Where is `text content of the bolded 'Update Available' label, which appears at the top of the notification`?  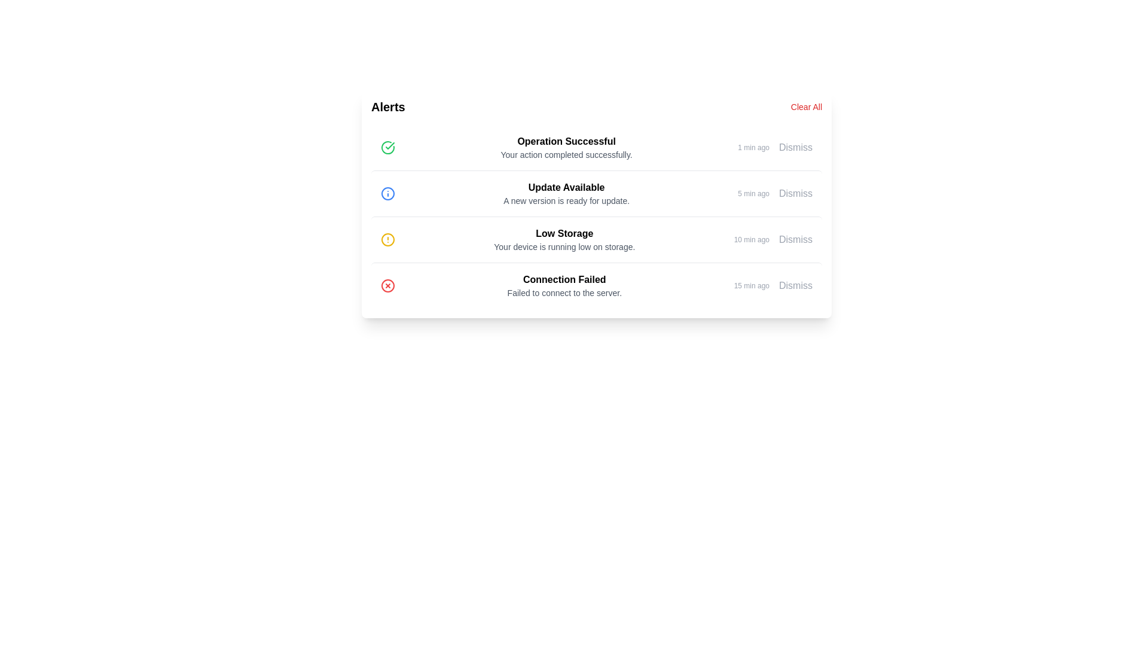 text content of the bolded 'Update Available' label, which appears at the top of the notification is located at coordinates (566, 187).